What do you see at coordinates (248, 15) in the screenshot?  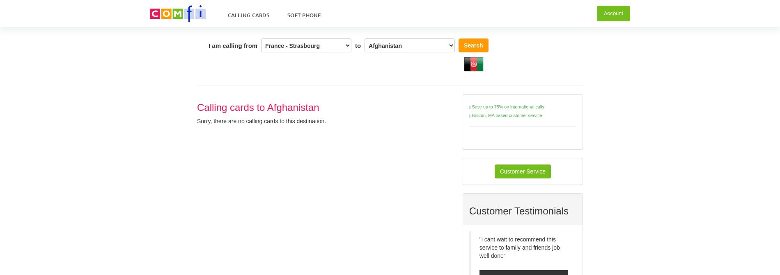 I see `'Calling Cards'` at bounding box center [248, 15].